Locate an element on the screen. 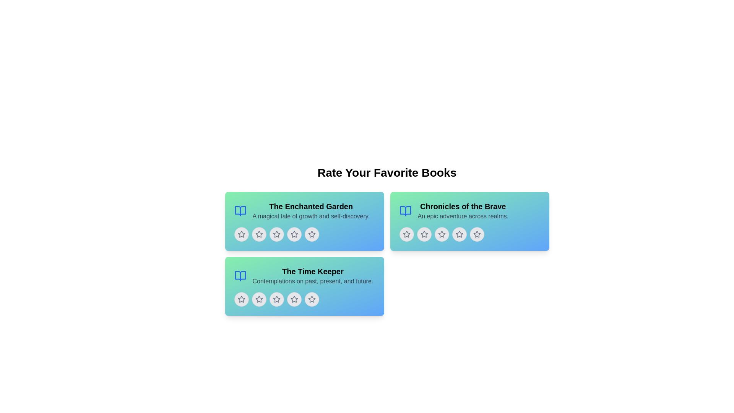 Image resolution: width=734 pixels, height=413 pixels. information displayed in the text block titled 'The Enchanted Garden' which includes the subtitle 'A magical tale of growth and self-discovery.' is located at coordinates (304, 211).